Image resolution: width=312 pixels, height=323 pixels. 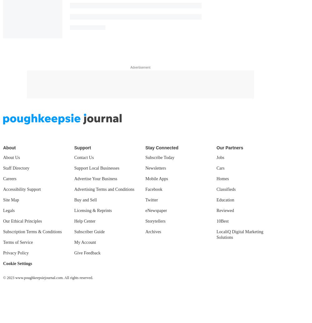 I want to click on '10Best', so click(x=216, y=221).